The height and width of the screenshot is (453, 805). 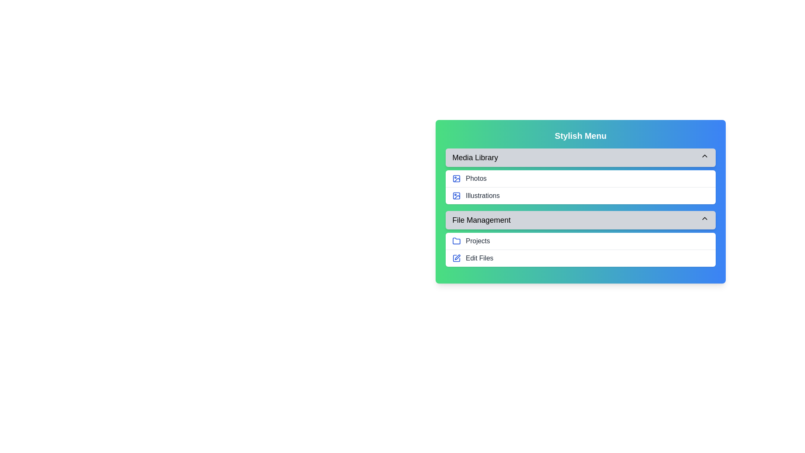 What do you see at coordinates (580, 176) in the screenshot?
I see `one of the items from the dropdown menu located below the title 'Stylish Menu' and above 'File Management', which displays options 'Photos' and 'Illustrations'` at bounding box center [580, 176].